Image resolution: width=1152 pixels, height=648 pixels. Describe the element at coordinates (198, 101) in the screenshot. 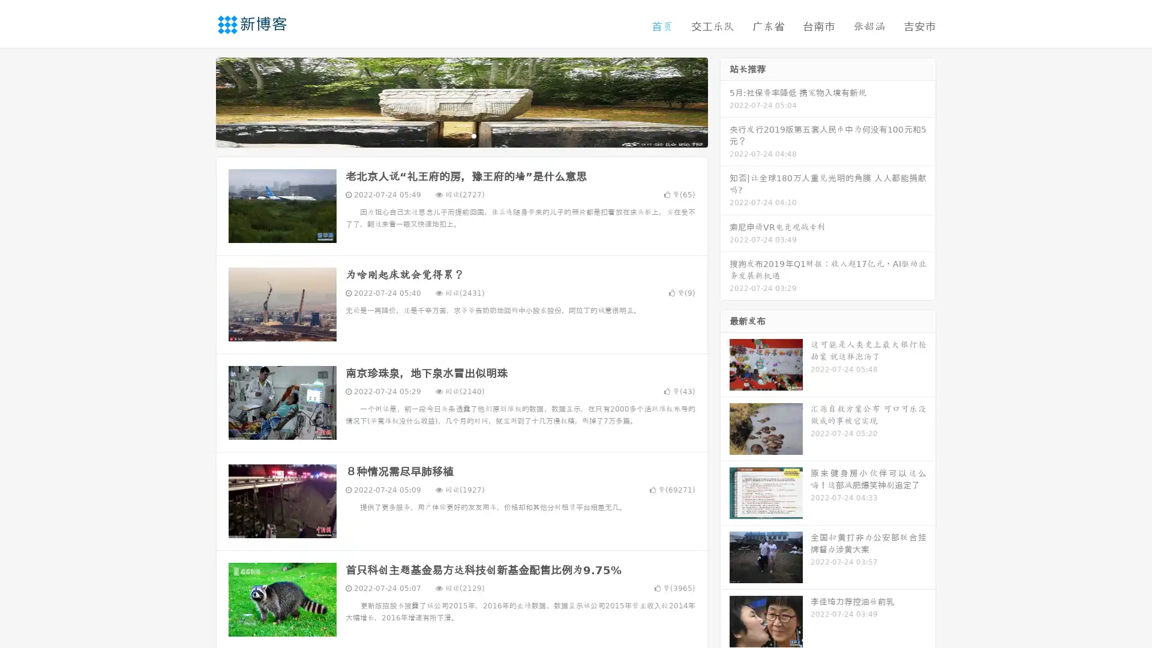

I see `Previous slide` at that location.